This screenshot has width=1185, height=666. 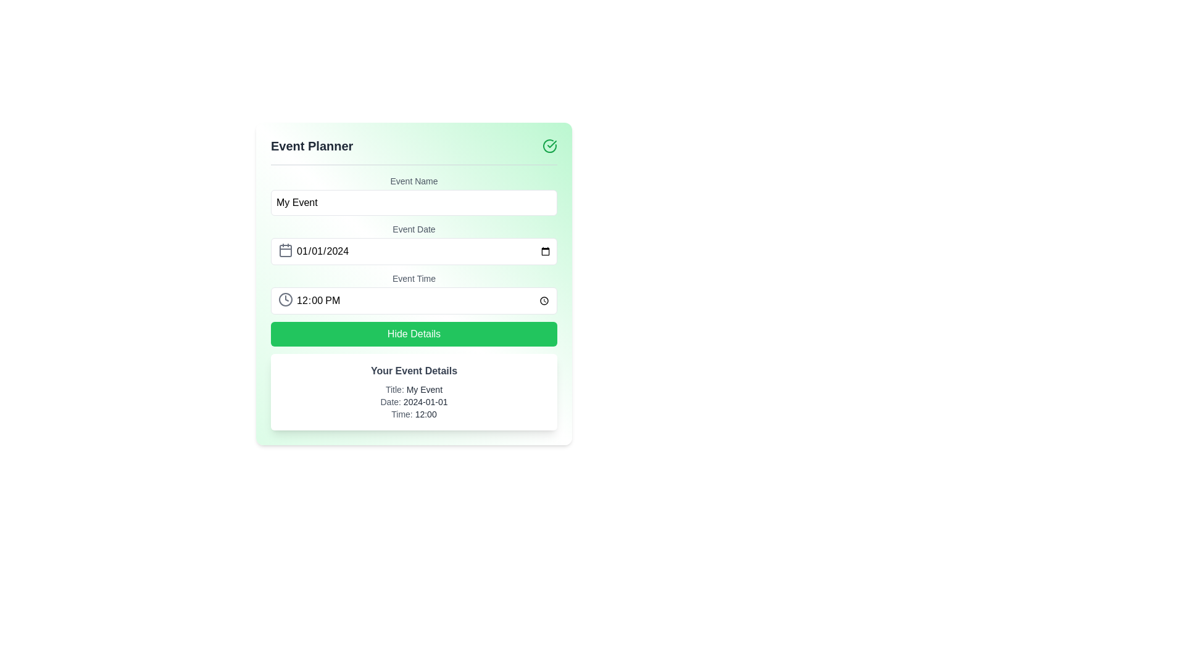 I want to click on clock icon circle element located to the left of the time '12:00 PM' in the Event Planner form, so click(x=285, y=300).